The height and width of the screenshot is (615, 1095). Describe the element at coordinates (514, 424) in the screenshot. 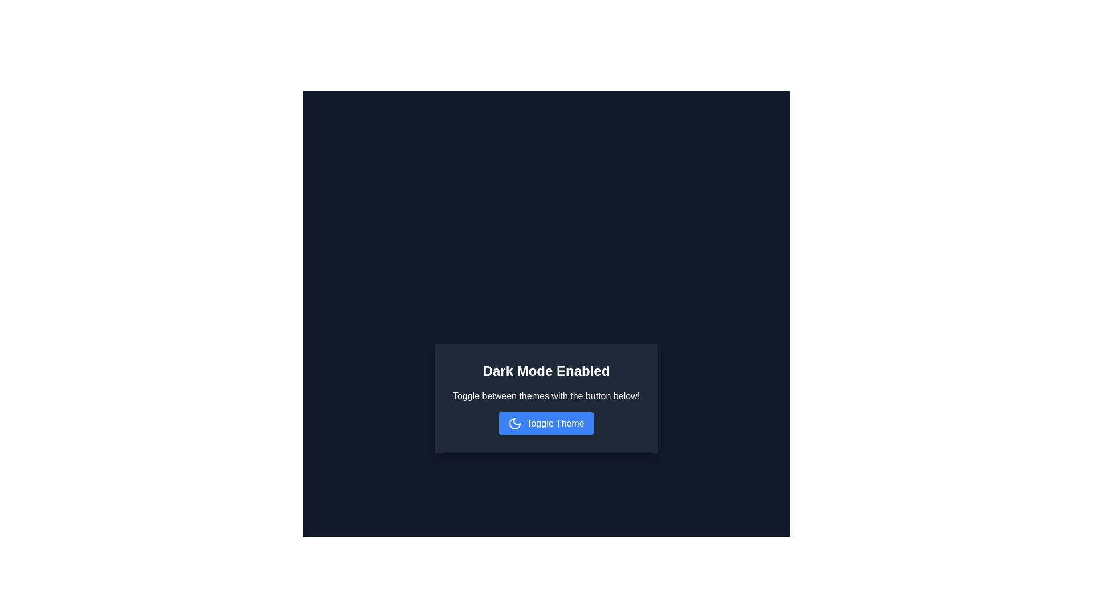

I see `the crescent moon icon on the blue 'Toggle Theme' button located at the bottom-center of the interface, below the text 'Toggle between themes with the button below!'` at that location.